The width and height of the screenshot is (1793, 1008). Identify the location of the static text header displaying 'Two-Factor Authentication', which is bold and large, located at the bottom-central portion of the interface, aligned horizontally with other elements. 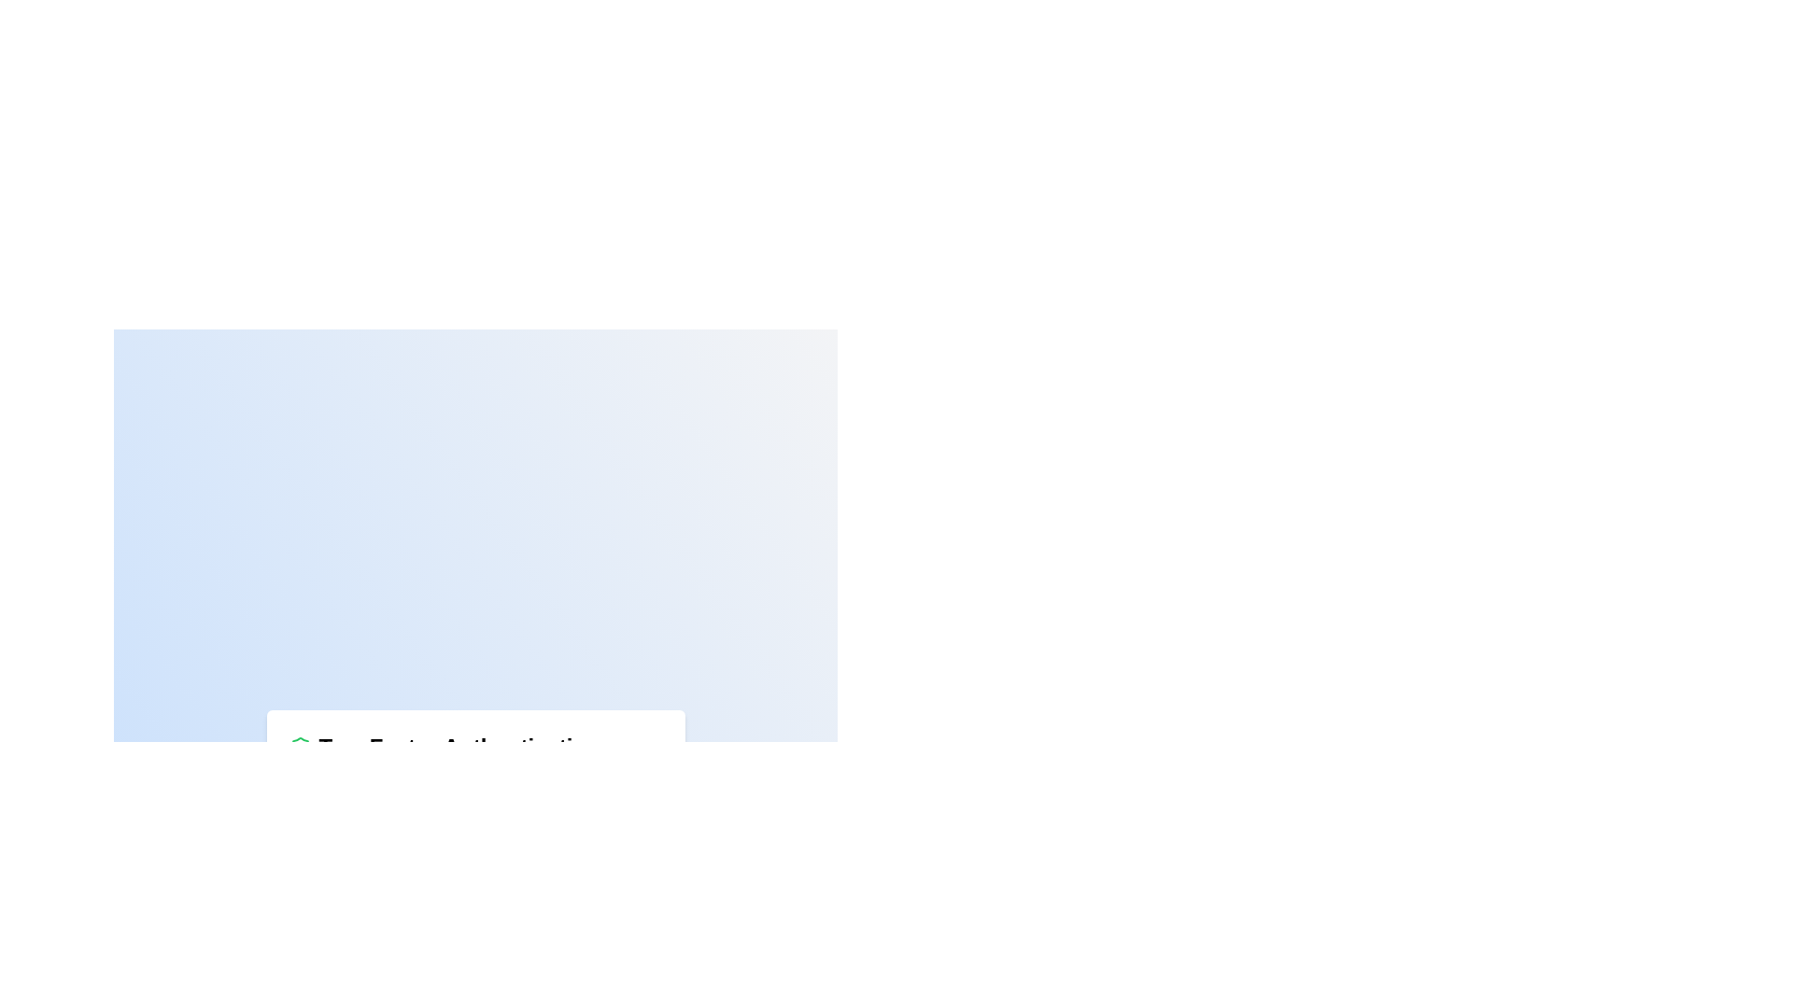
(459, 746).